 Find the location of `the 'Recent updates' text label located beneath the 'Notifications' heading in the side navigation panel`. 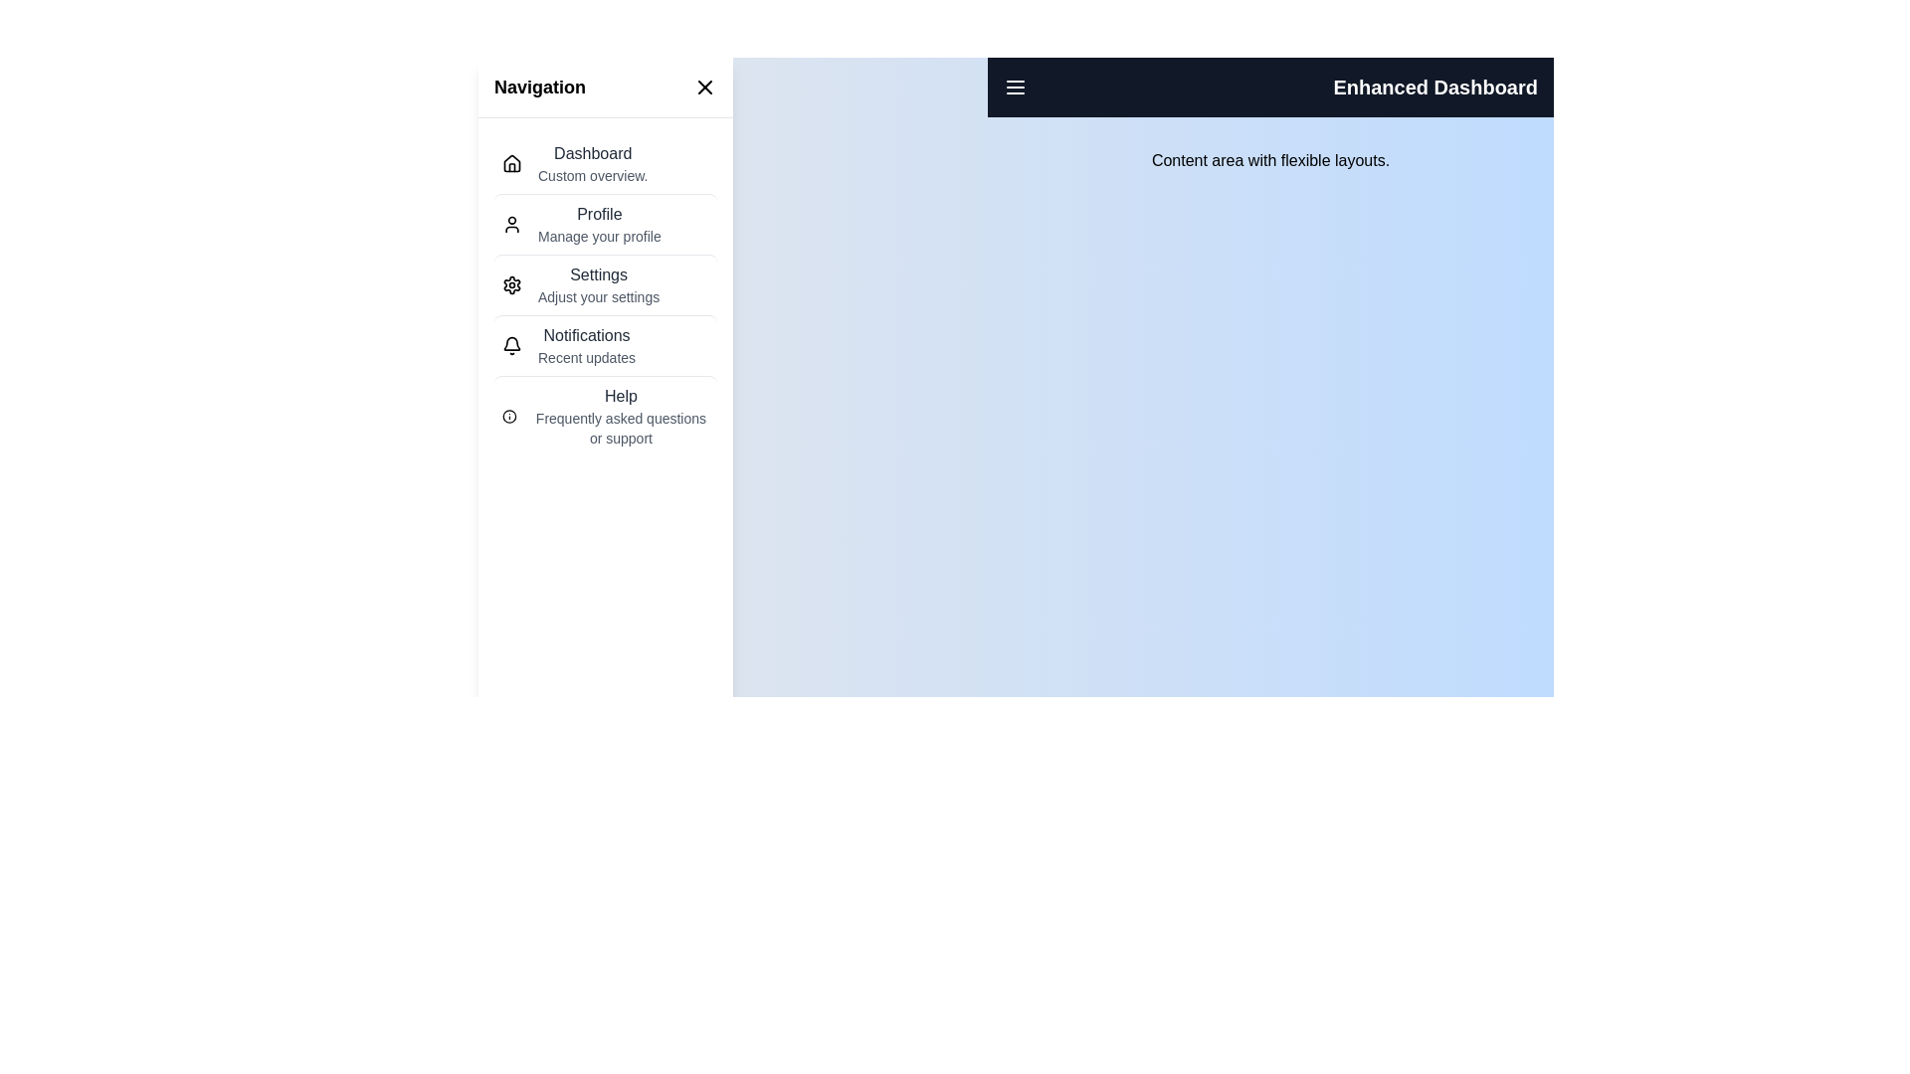

the 'Recent updates' text label located beneath the 'Notifications' heading in the side navigation panel is located at coordinates (586, 356).